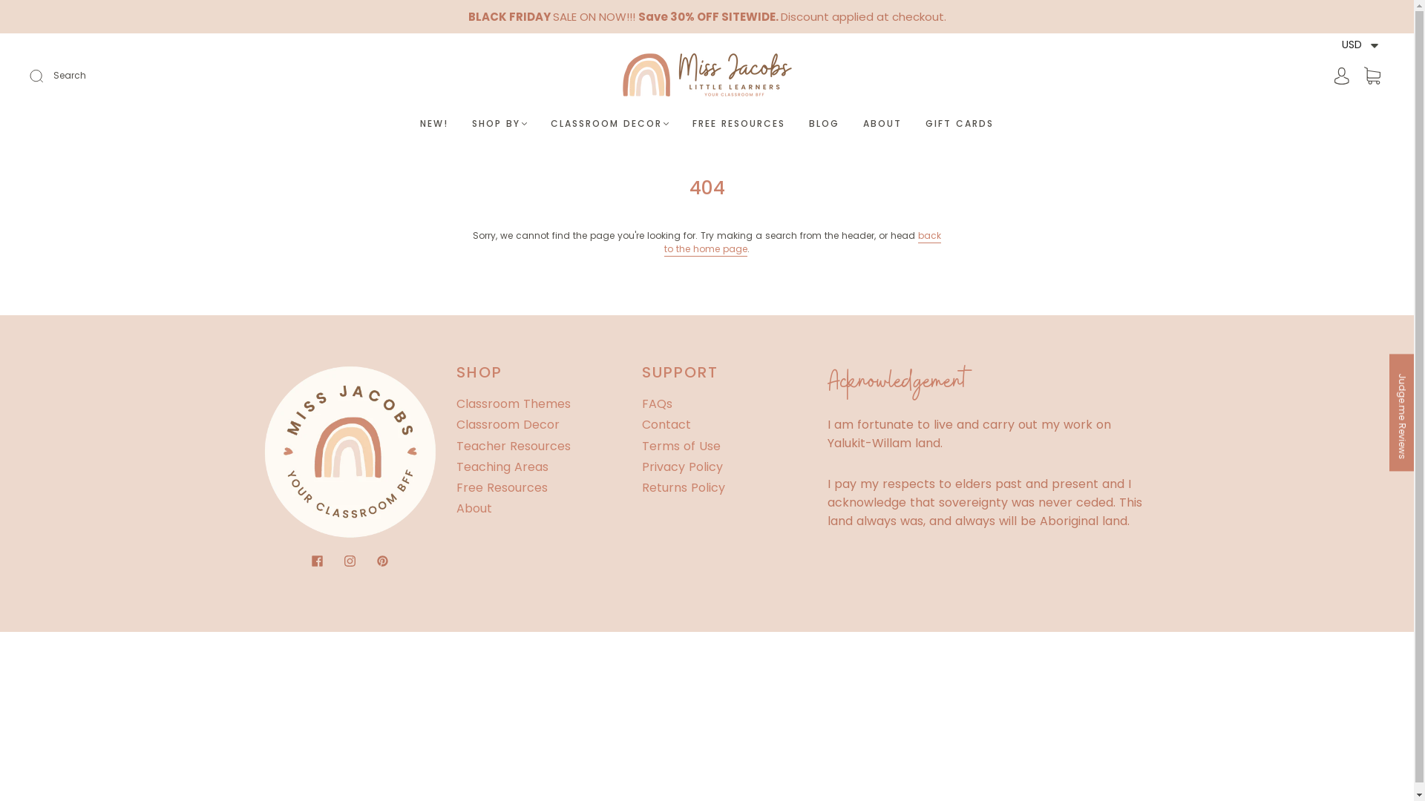 This screenshot has height=801, width=1425. I want to click on 'Classroom Themes', so click(513, 403).